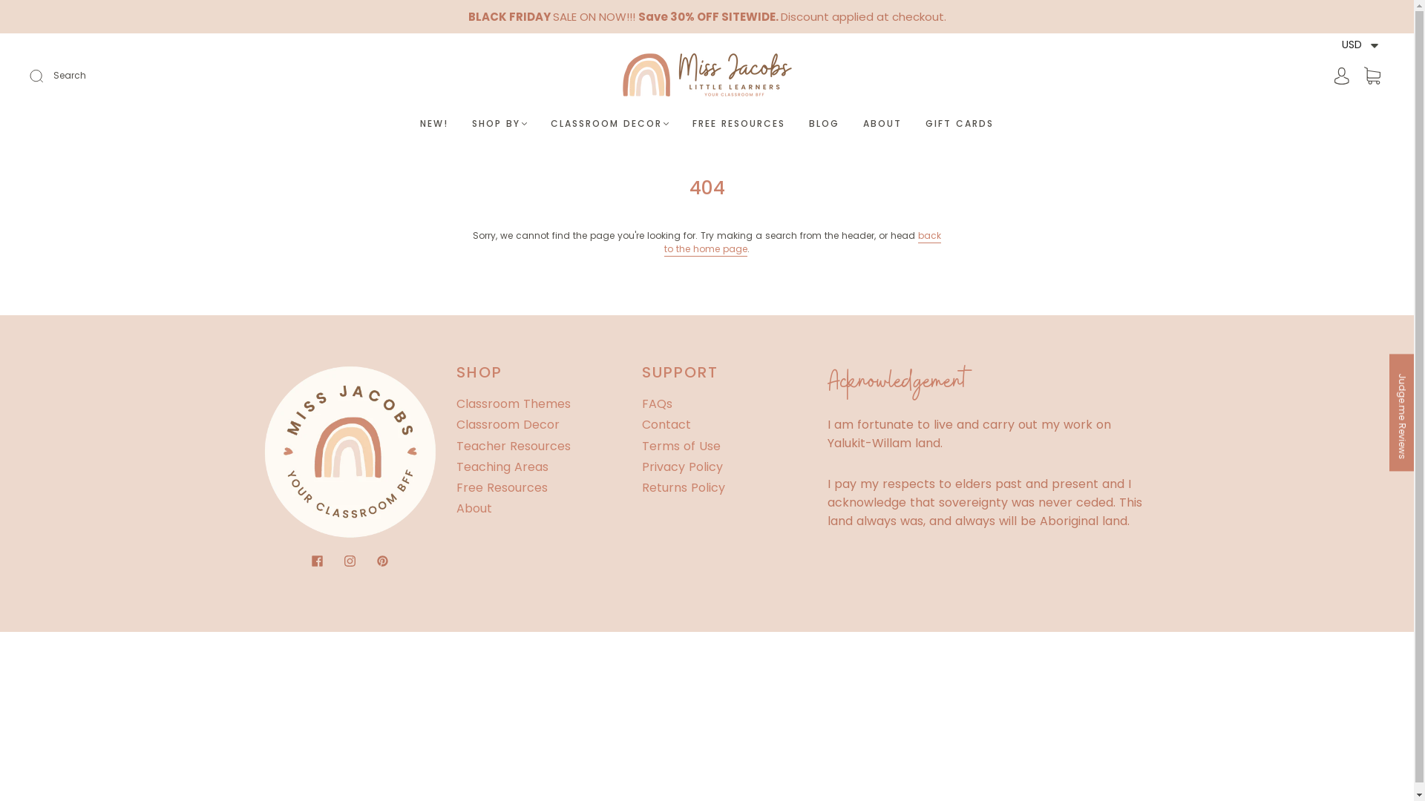 This screenshot has height=801, width=1425. I want to click on 'Classroom Themes', so click(513, 403).